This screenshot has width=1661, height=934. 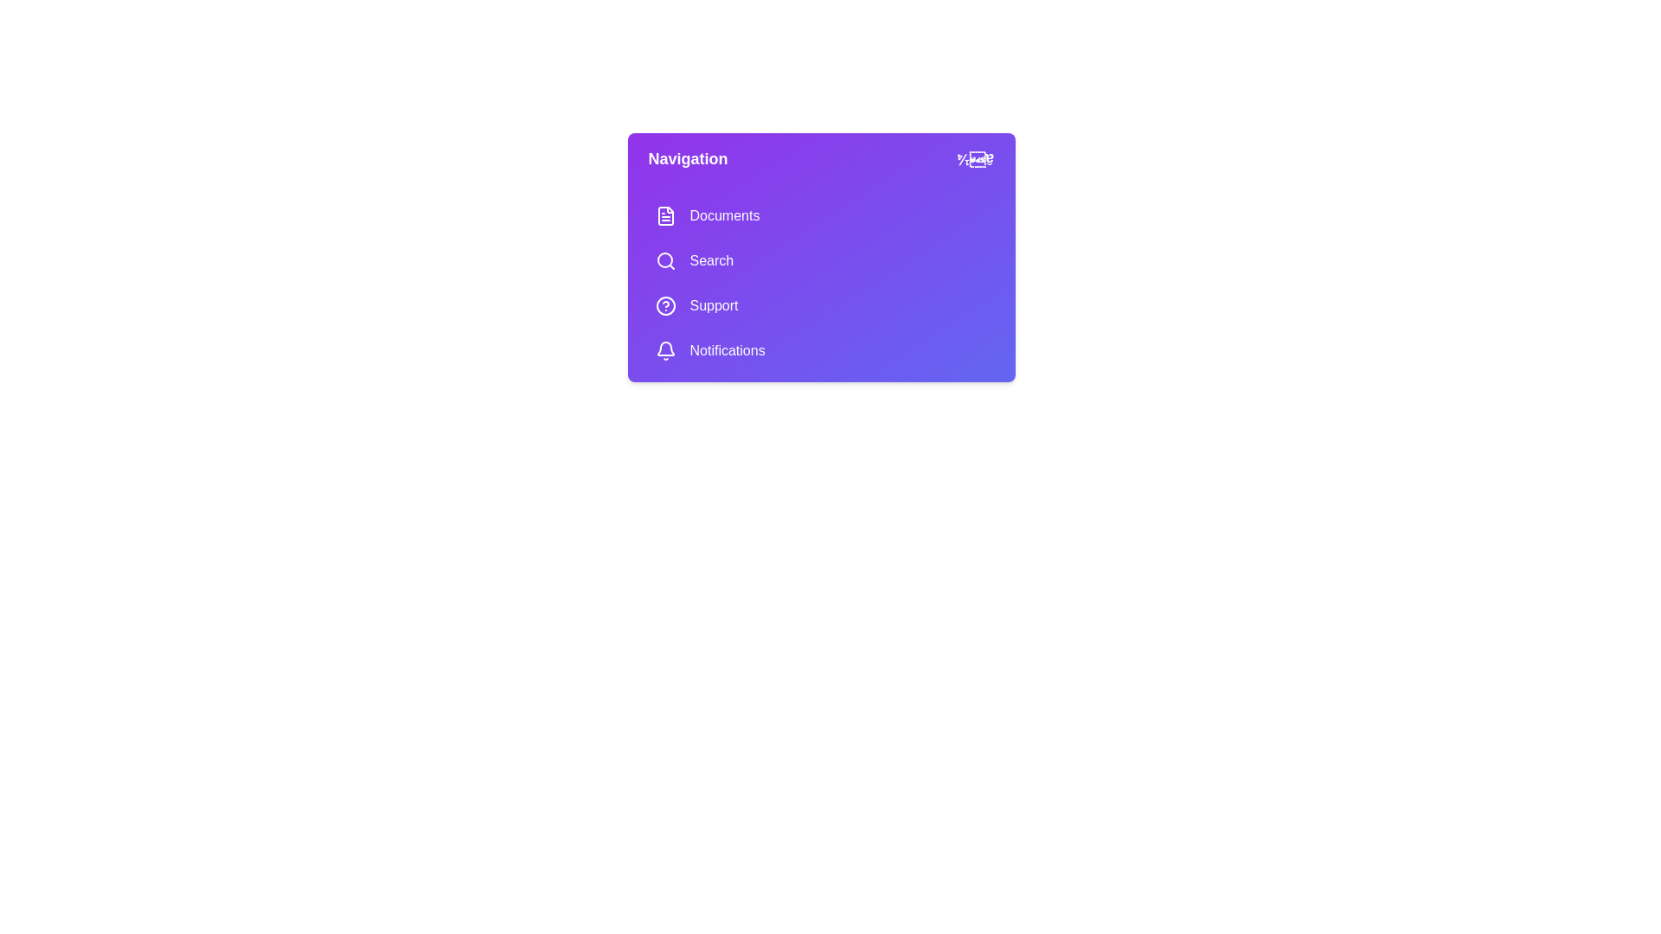 I want to click on the icon next to the menu item Notifications, so click(x=664, y=350).